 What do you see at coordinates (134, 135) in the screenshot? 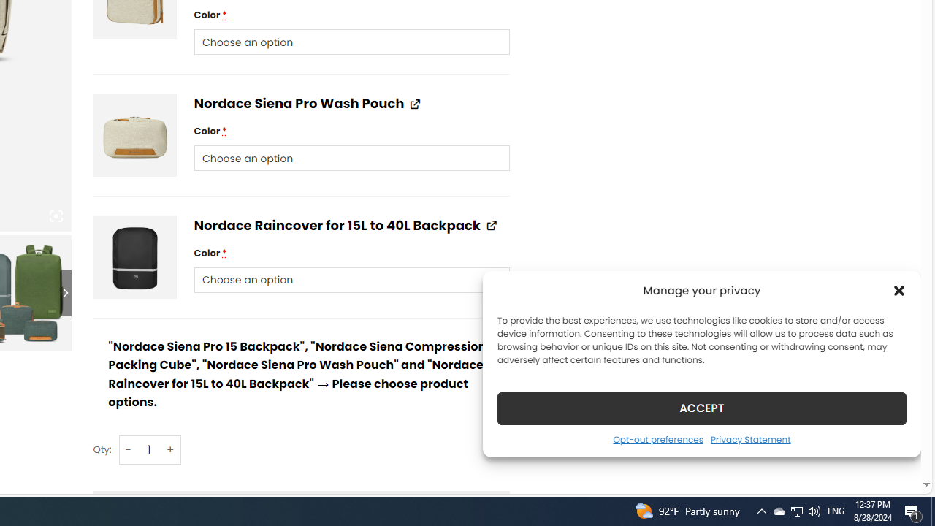
I see `'6G8A1459'` at bounding box center [134, 135].